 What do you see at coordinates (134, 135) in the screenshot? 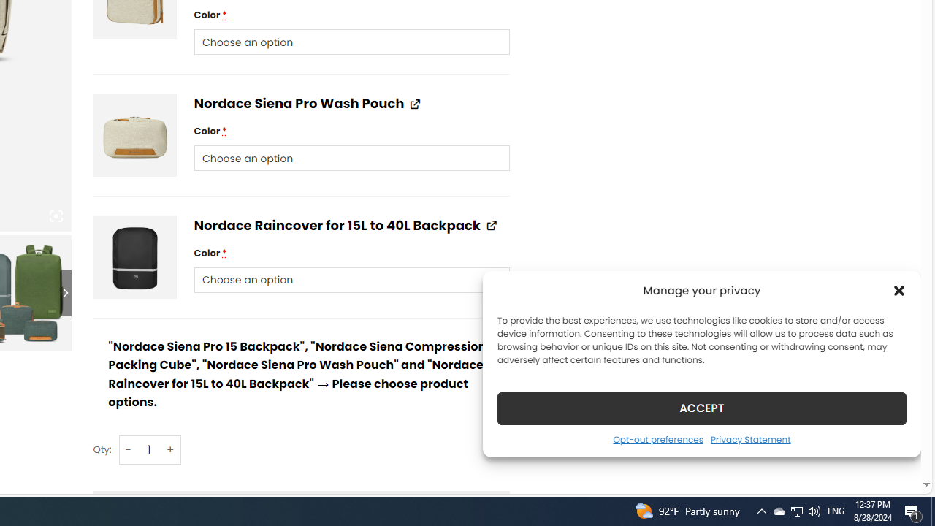
I see `'6G8A1459'` at bounding box center [134, 135].